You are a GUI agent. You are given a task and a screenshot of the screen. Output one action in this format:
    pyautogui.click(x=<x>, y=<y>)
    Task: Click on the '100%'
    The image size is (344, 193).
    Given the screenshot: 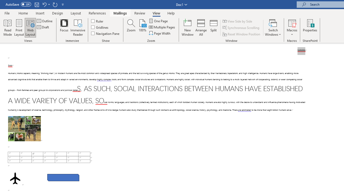 What is the action you would take?
    pyautogui.click(x=142, y=28)
    